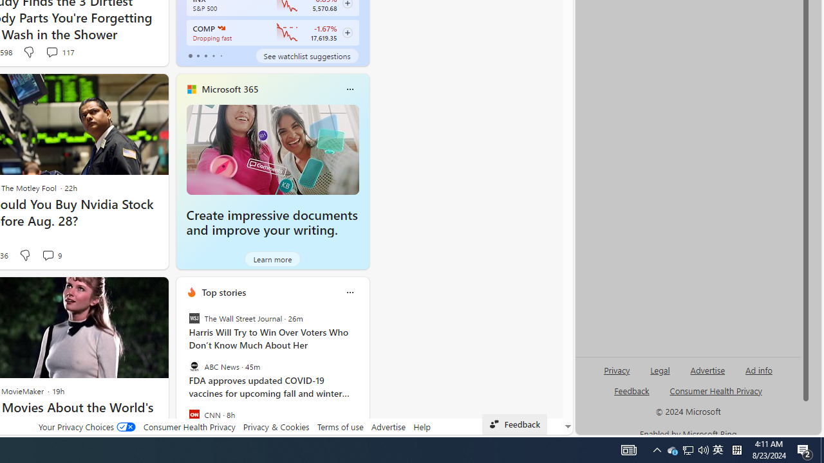 This screenshot has width=824, height=463. What do you see at coordinates (193, 367) in the screenshot?
I see `'ABC News'` at bounding box center [193, 367].